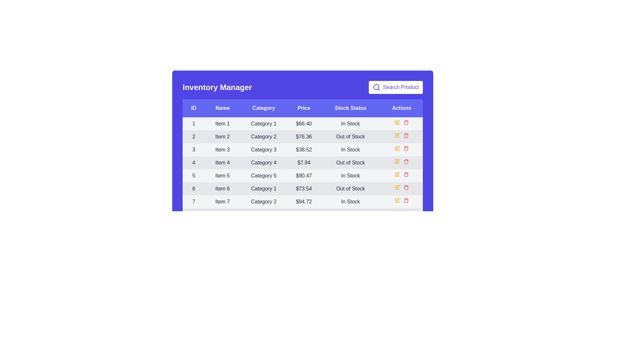 The width and height of the screenshot is (625, 351). I want to click on the column header Stock Status to sort the table by that column, so click(350, 108).